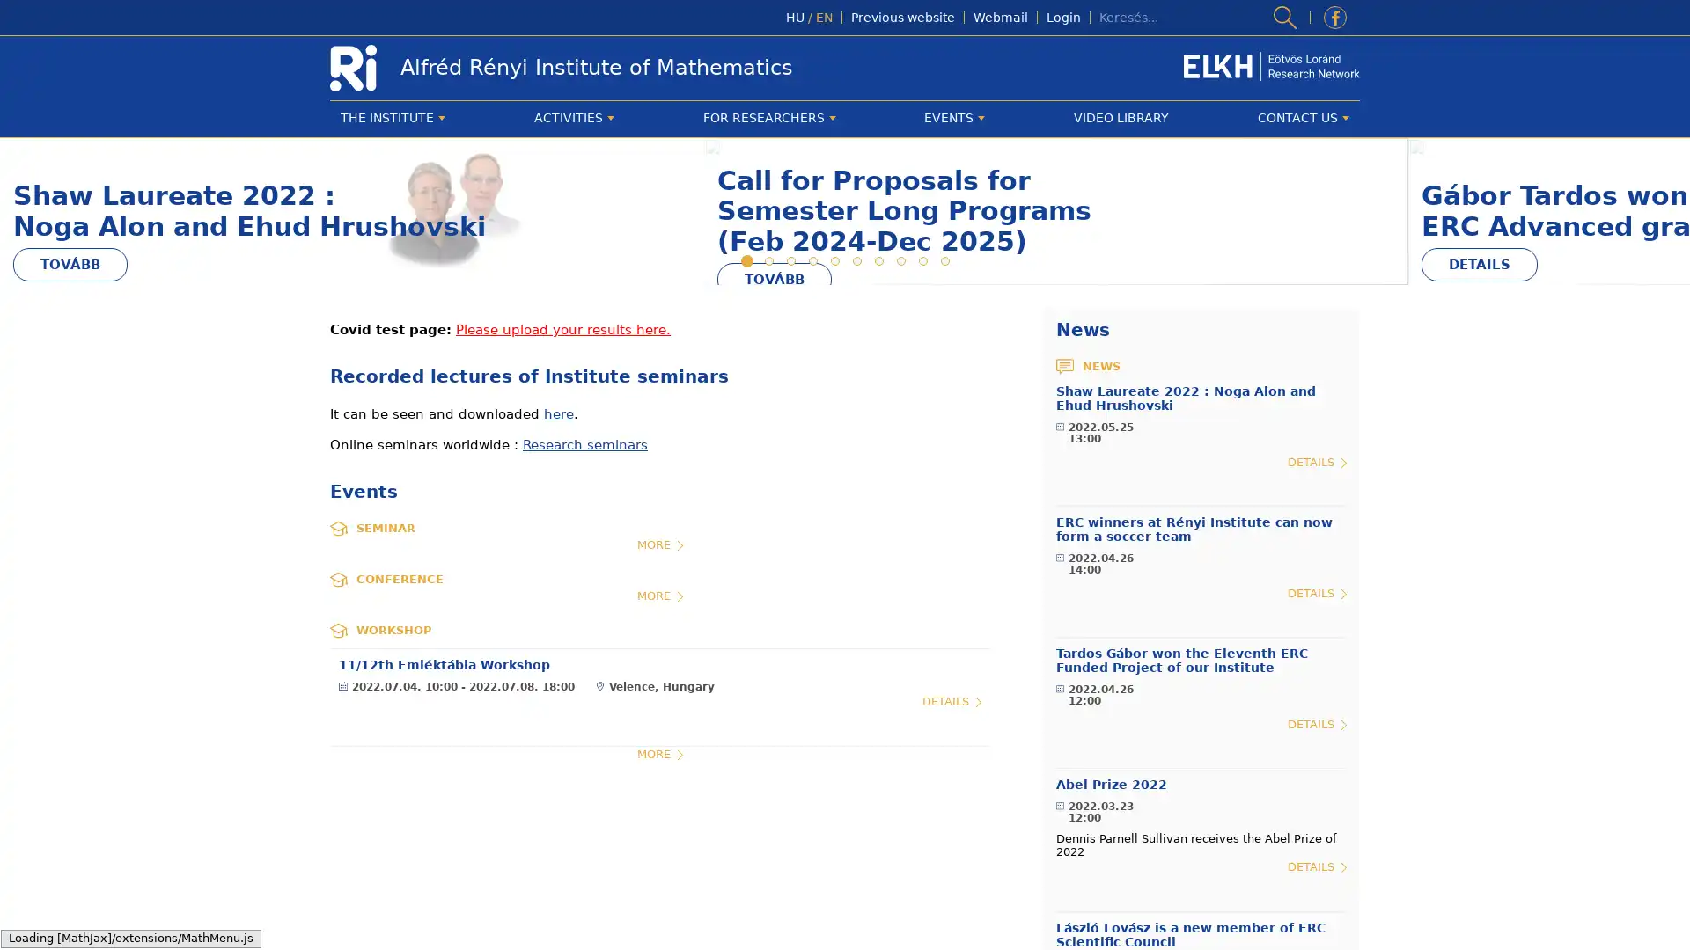 Image resolution: width=1690 pixels, height=950 pixels. What do you see at coordinates (746, 464) in the screenshot?
I see `1` at bounding box center [746, 464].